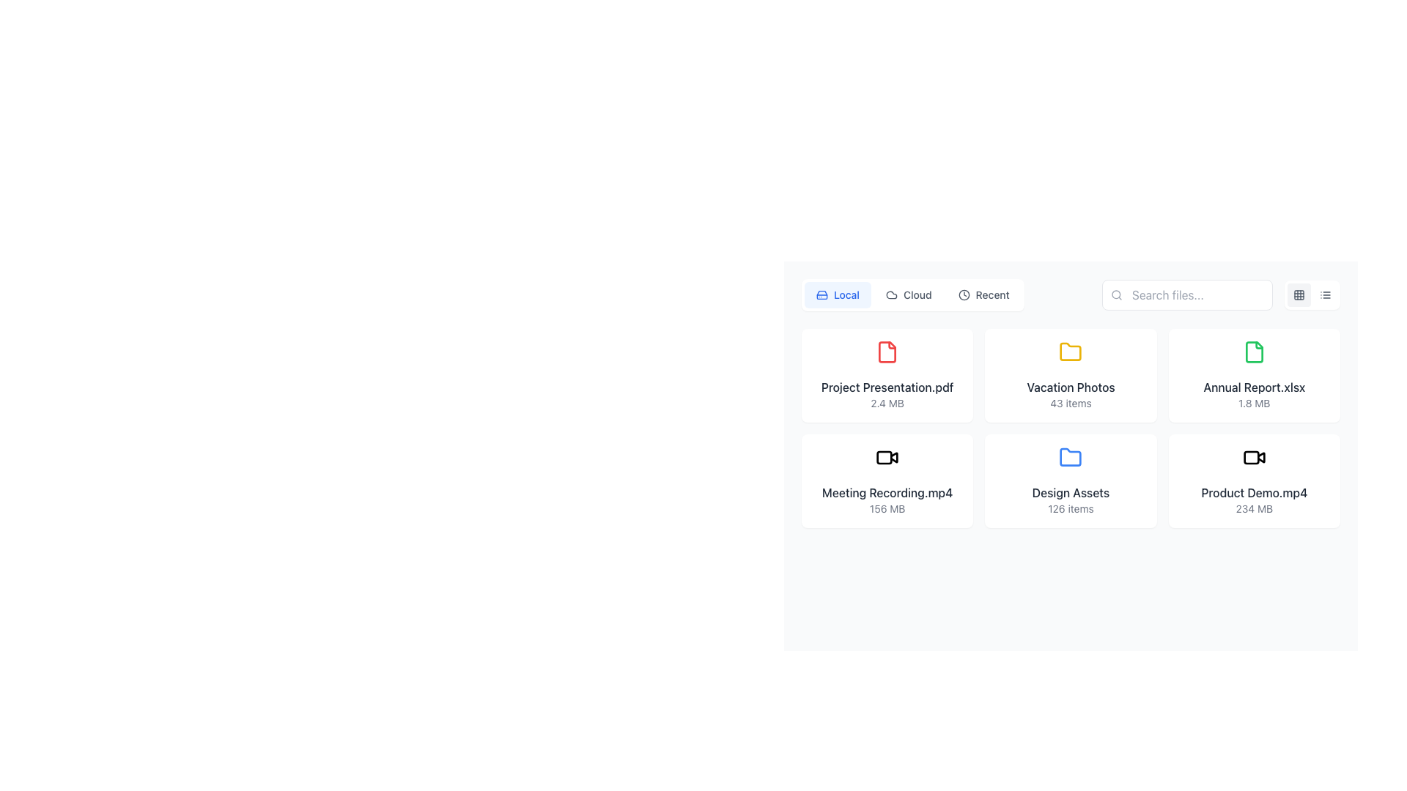  What do you see at coordinates (1253, 480) in the screenshot?
I see `the selectable file item located in the third column and third row of the grid layout to trigger tooltips or visual response` at bounding box center [1253, 480].